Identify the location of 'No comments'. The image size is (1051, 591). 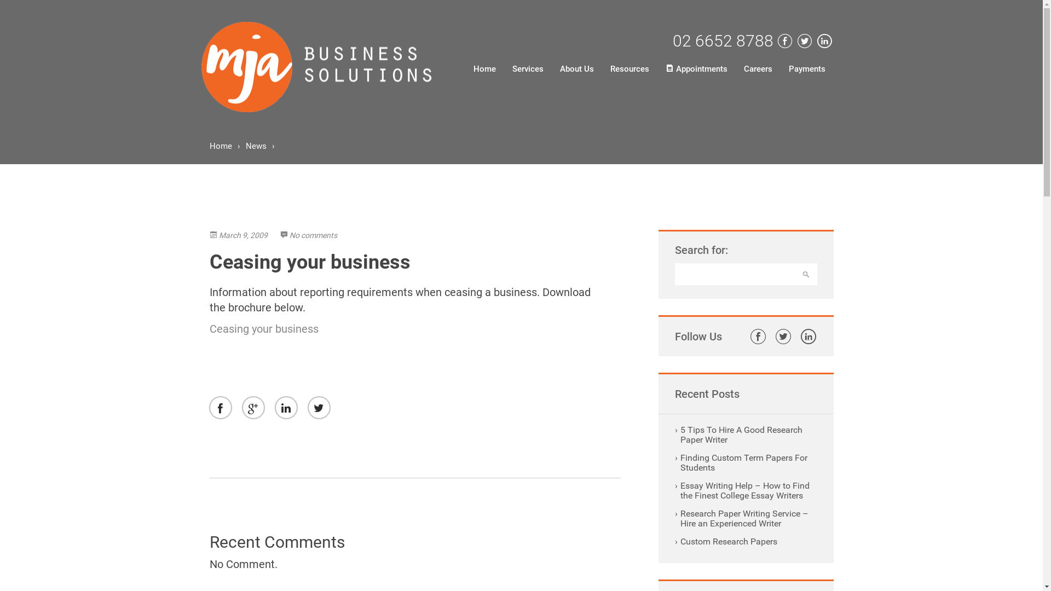
(308, 234).